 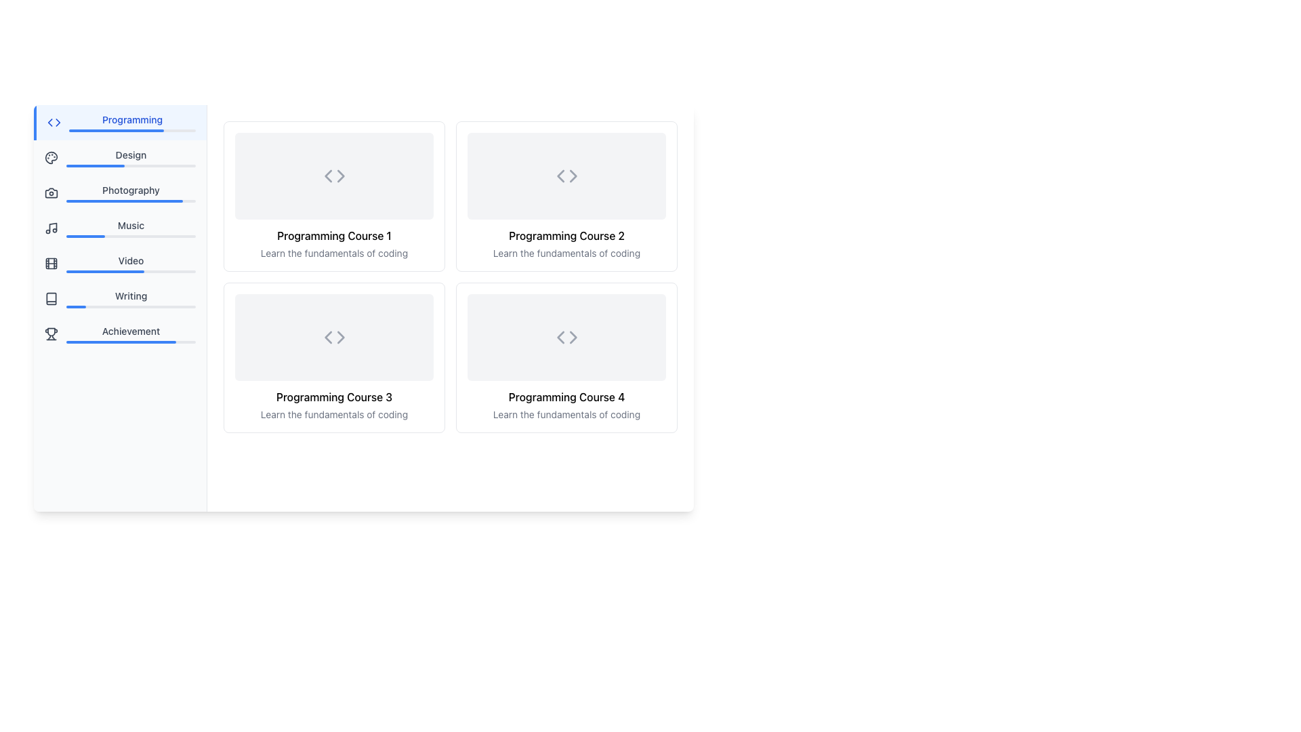 What do you see at coordinates (120, 157) in the screenshot?
I see `the 'Design' button located in the left panel sidebar, which is visually characterized by a palette icon and a light gray background` at bounding box center [120, 157].